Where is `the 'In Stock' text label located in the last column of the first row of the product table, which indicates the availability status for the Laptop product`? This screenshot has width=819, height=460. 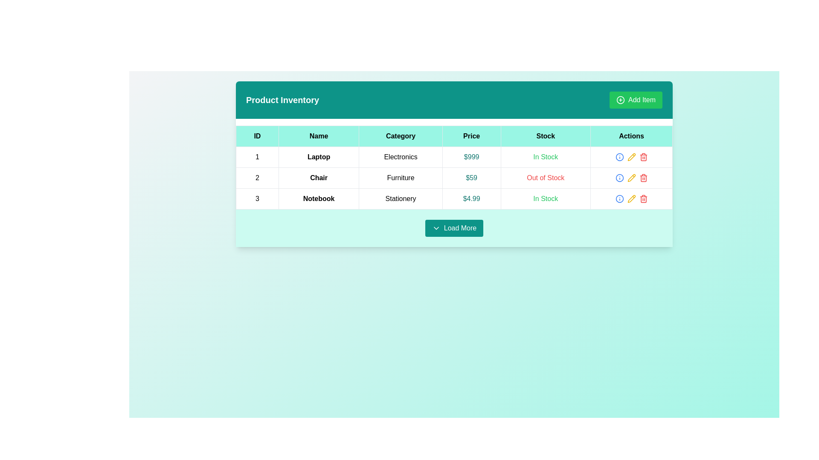
the 'In Stock' text label located in the last column of the first row of the product table, which indicates the availability status for the Laptop product is located at coordinates (545, 157).